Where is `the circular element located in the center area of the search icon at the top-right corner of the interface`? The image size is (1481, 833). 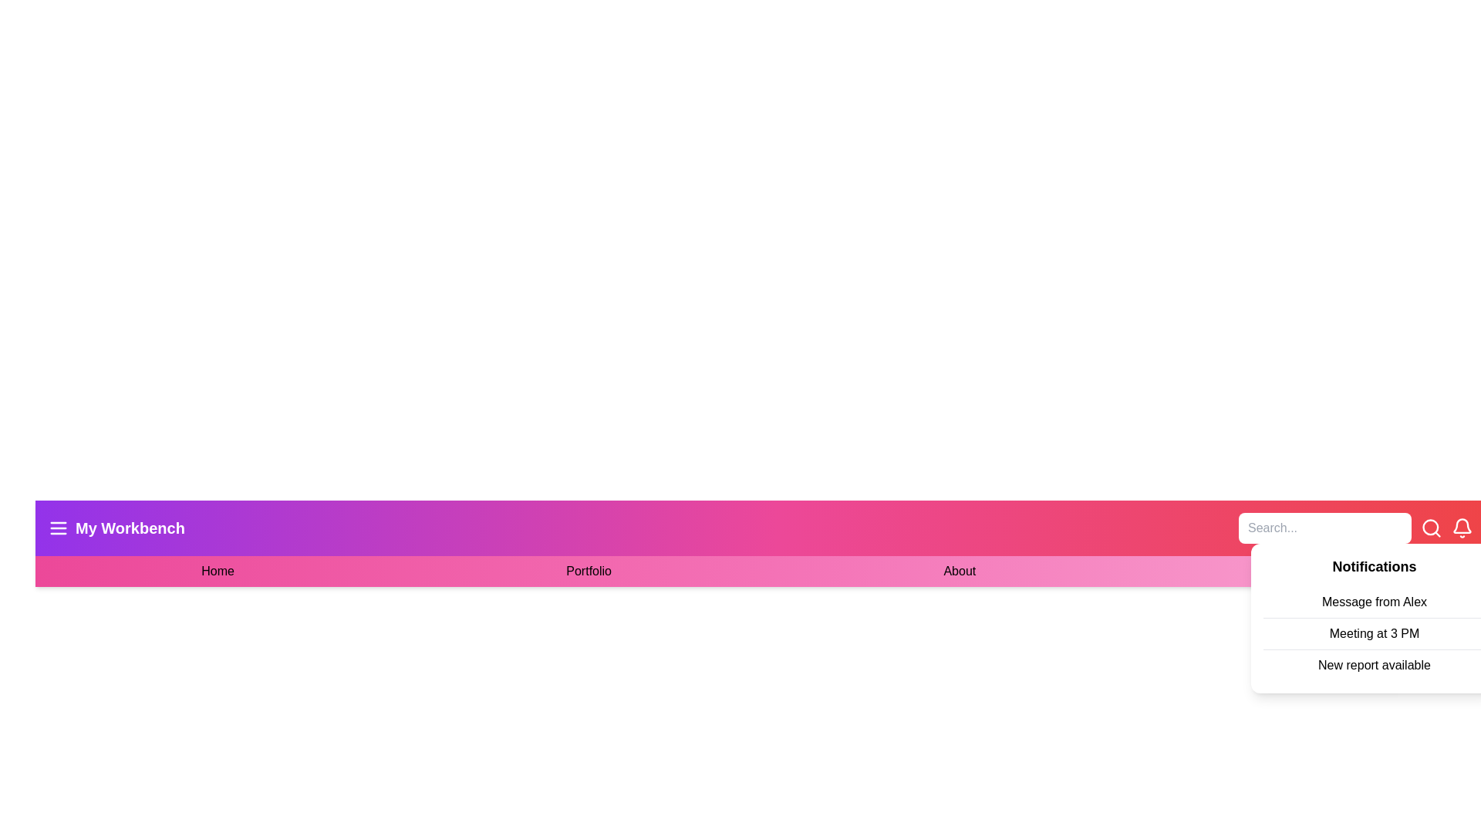 the circular element located in the center area of the search icon at the top-right corner of the interface is located at coordinates (1429, 526).